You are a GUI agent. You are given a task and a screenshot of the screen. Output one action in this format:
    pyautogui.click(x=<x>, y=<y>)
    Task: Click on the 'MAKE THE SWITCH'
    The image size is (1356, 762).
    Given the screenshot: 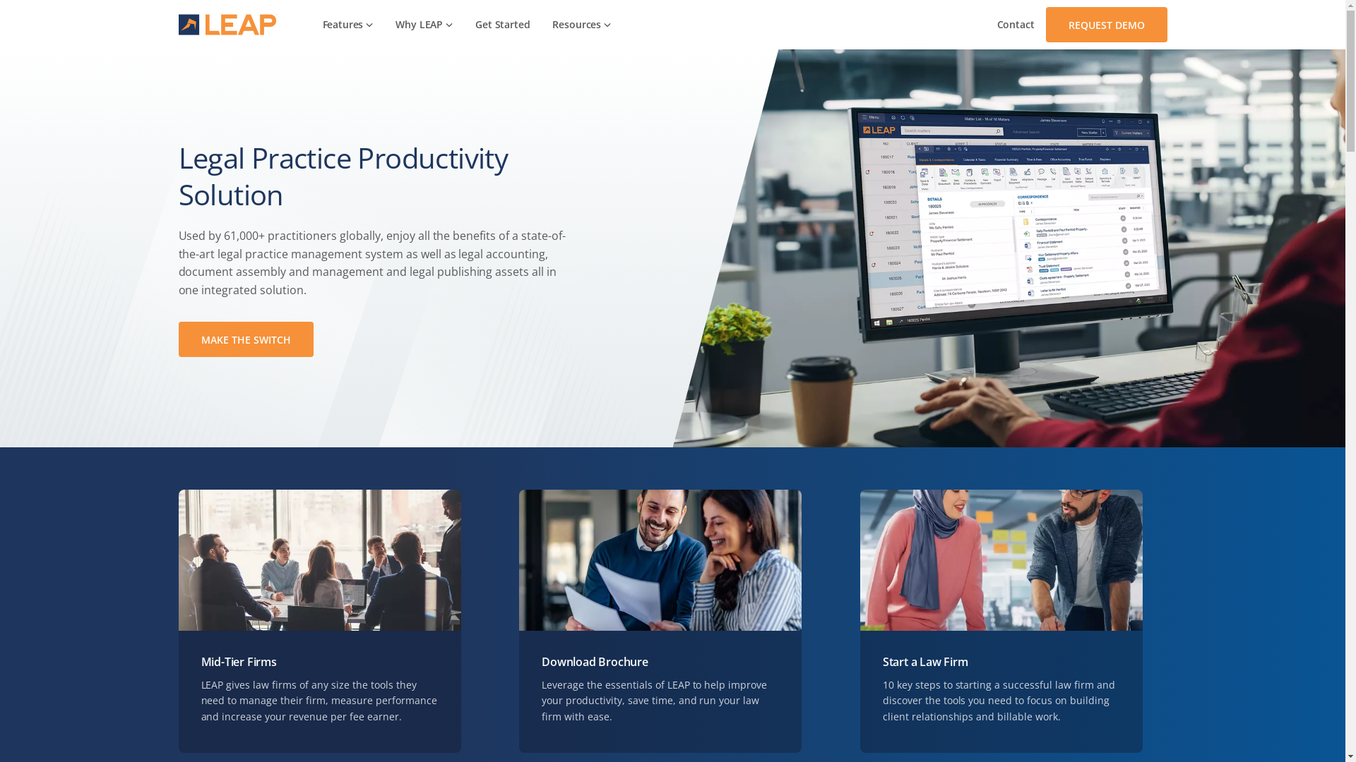 What is the action you would take?
    pyautogui.click(x=177, y=339)
    